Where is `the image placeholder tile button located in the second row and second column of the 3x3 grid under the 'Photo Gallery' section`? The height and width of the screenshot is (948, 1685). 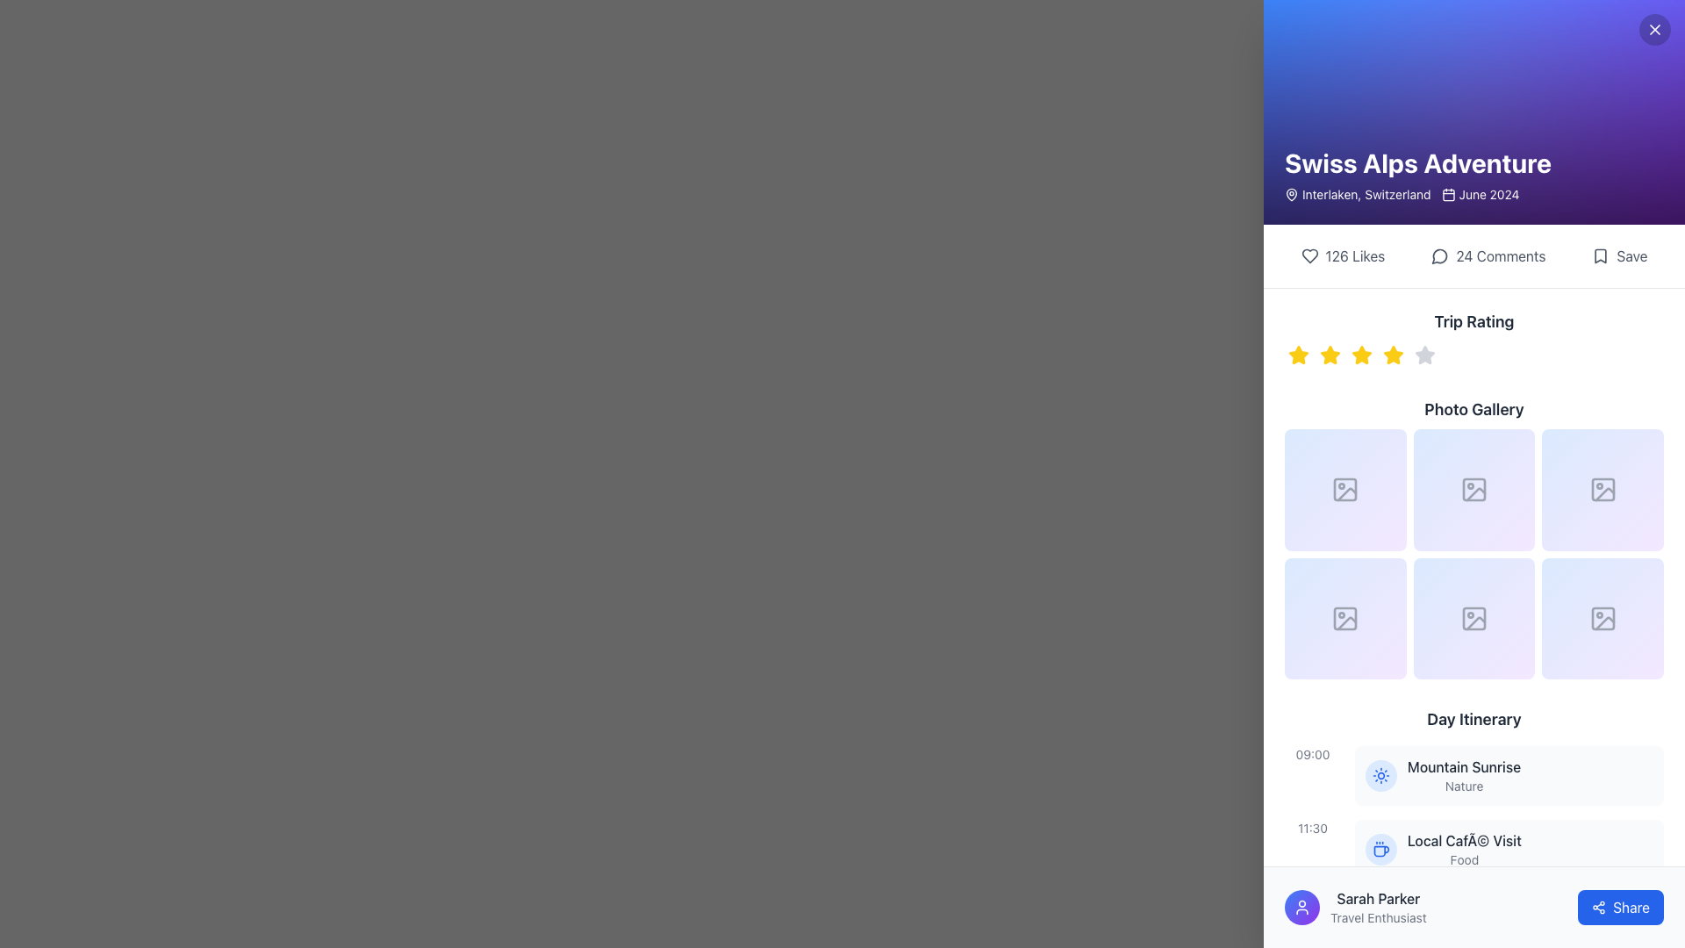
the image placeholder tile button located in the second row and second column of the 3x3 grid under the 'Photo Gallery' section is located at coordinates (1474, 618).